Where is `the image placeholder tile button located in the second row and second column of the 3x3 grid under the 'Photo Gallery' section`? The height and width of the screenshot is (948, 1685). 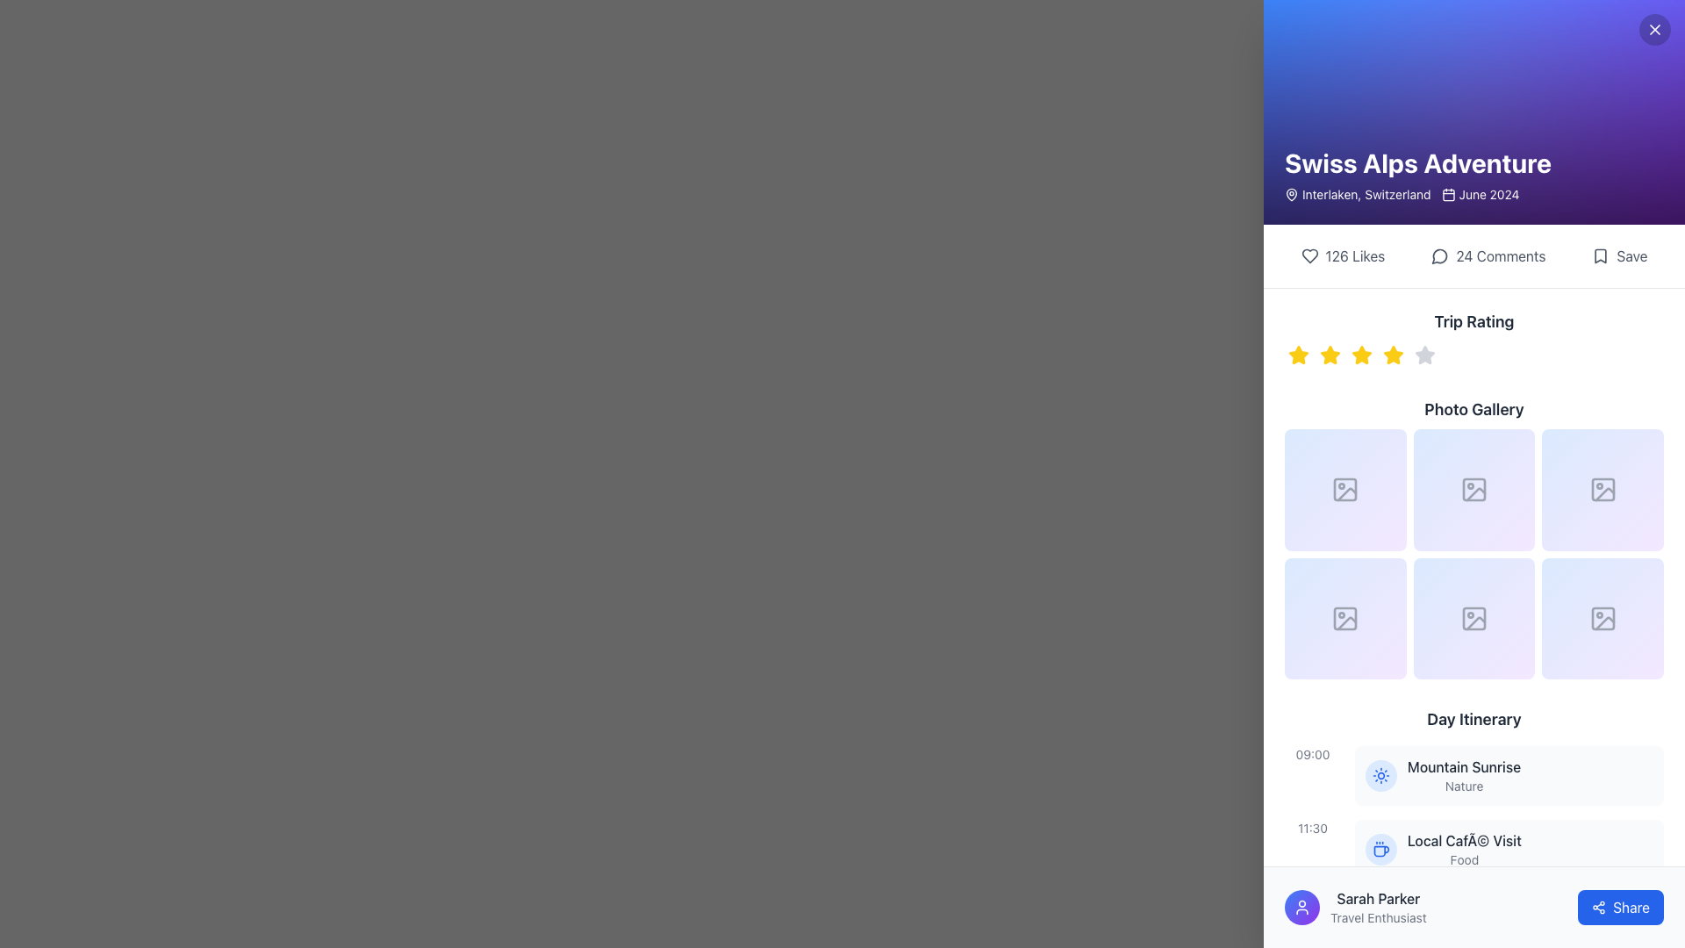
the image placeholder tile button located in the second row and second column of the 3x3 grid under the 'Photo Gallery' section is located at coordinates (1474, 618).